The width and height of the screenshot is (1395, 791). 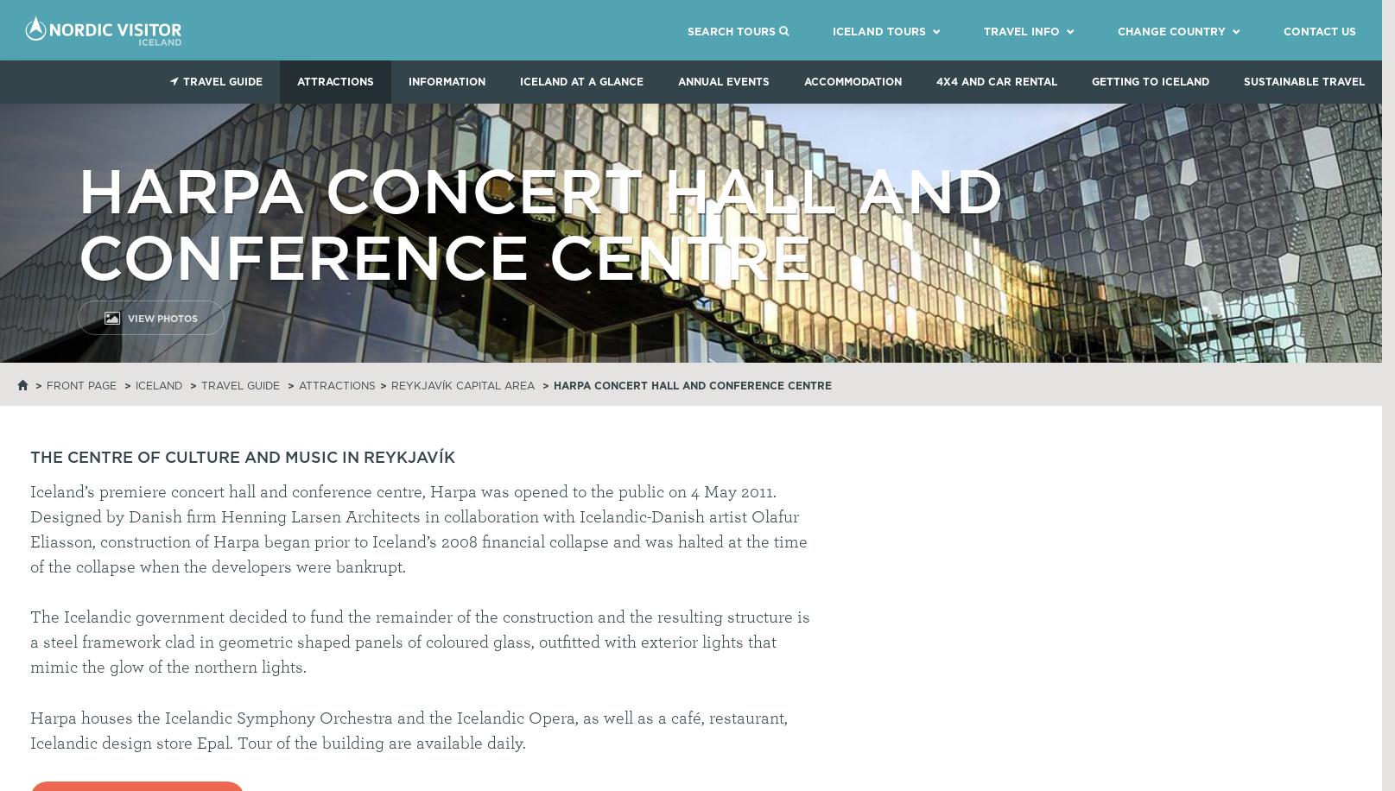 I want to click on 'Contact Us', so click(x=1318, y=30).